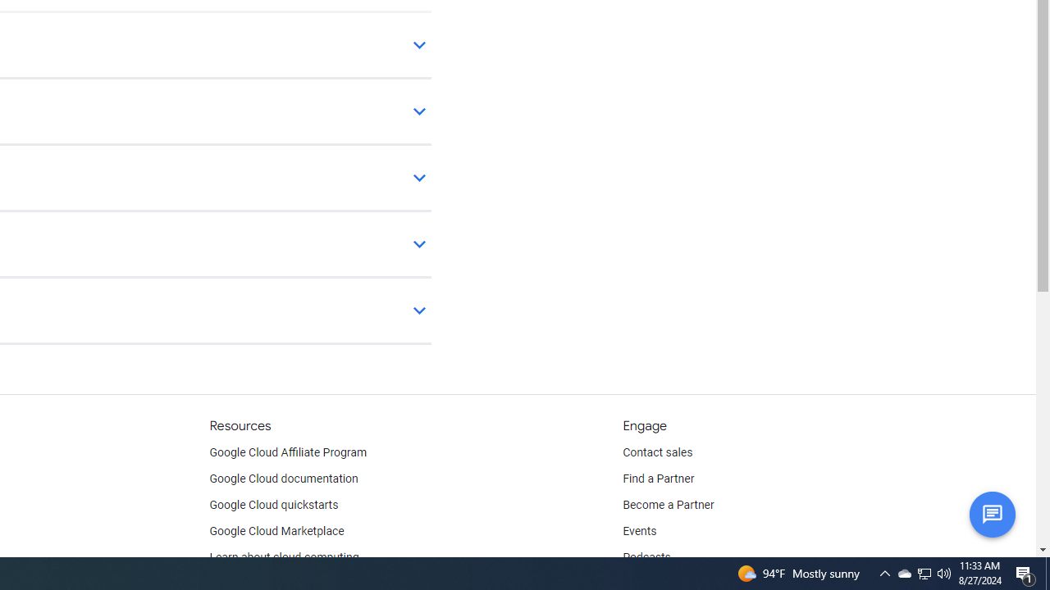 The width and height of the screenshot is (1050, 590). Describe the element at coordinates (639, 532) in the screenshot. I see `'Events'` at that location.